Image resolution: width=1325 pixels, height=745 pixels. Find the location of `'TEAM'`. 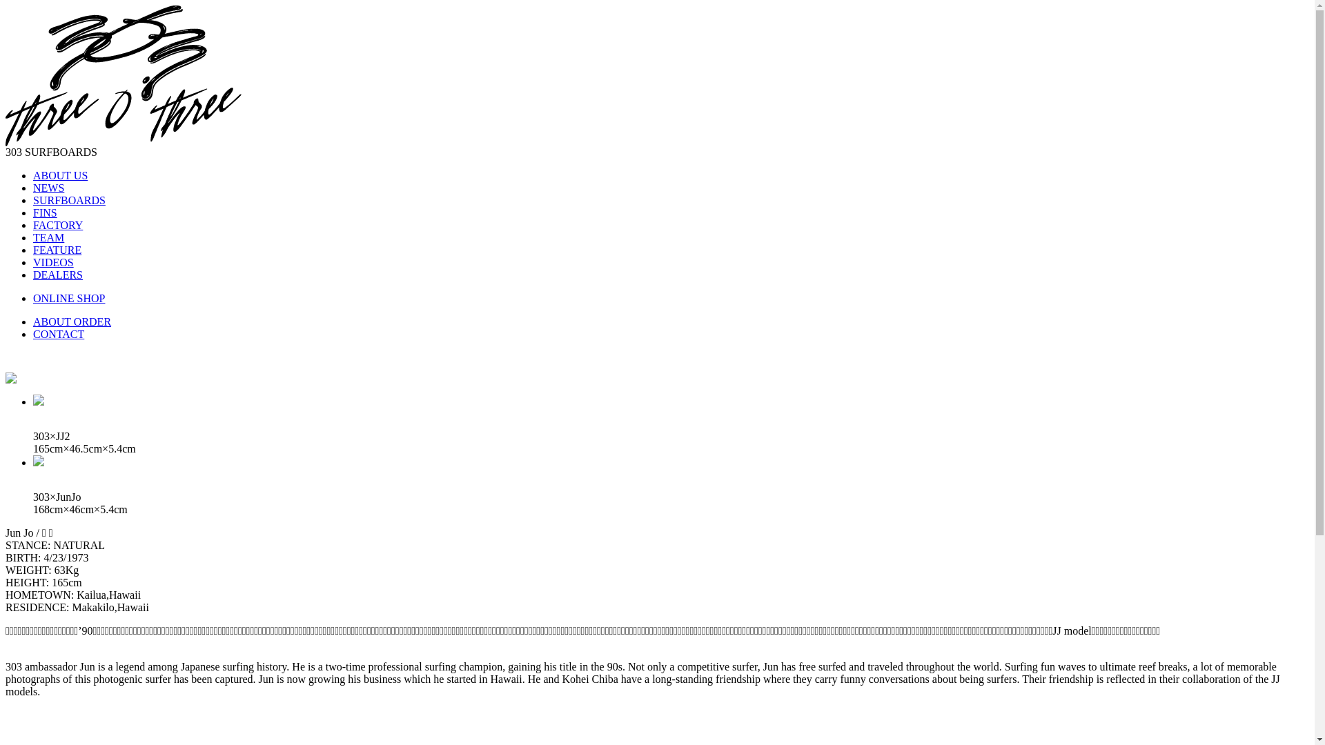

'TEAM' is located at coordinates (48, 237).